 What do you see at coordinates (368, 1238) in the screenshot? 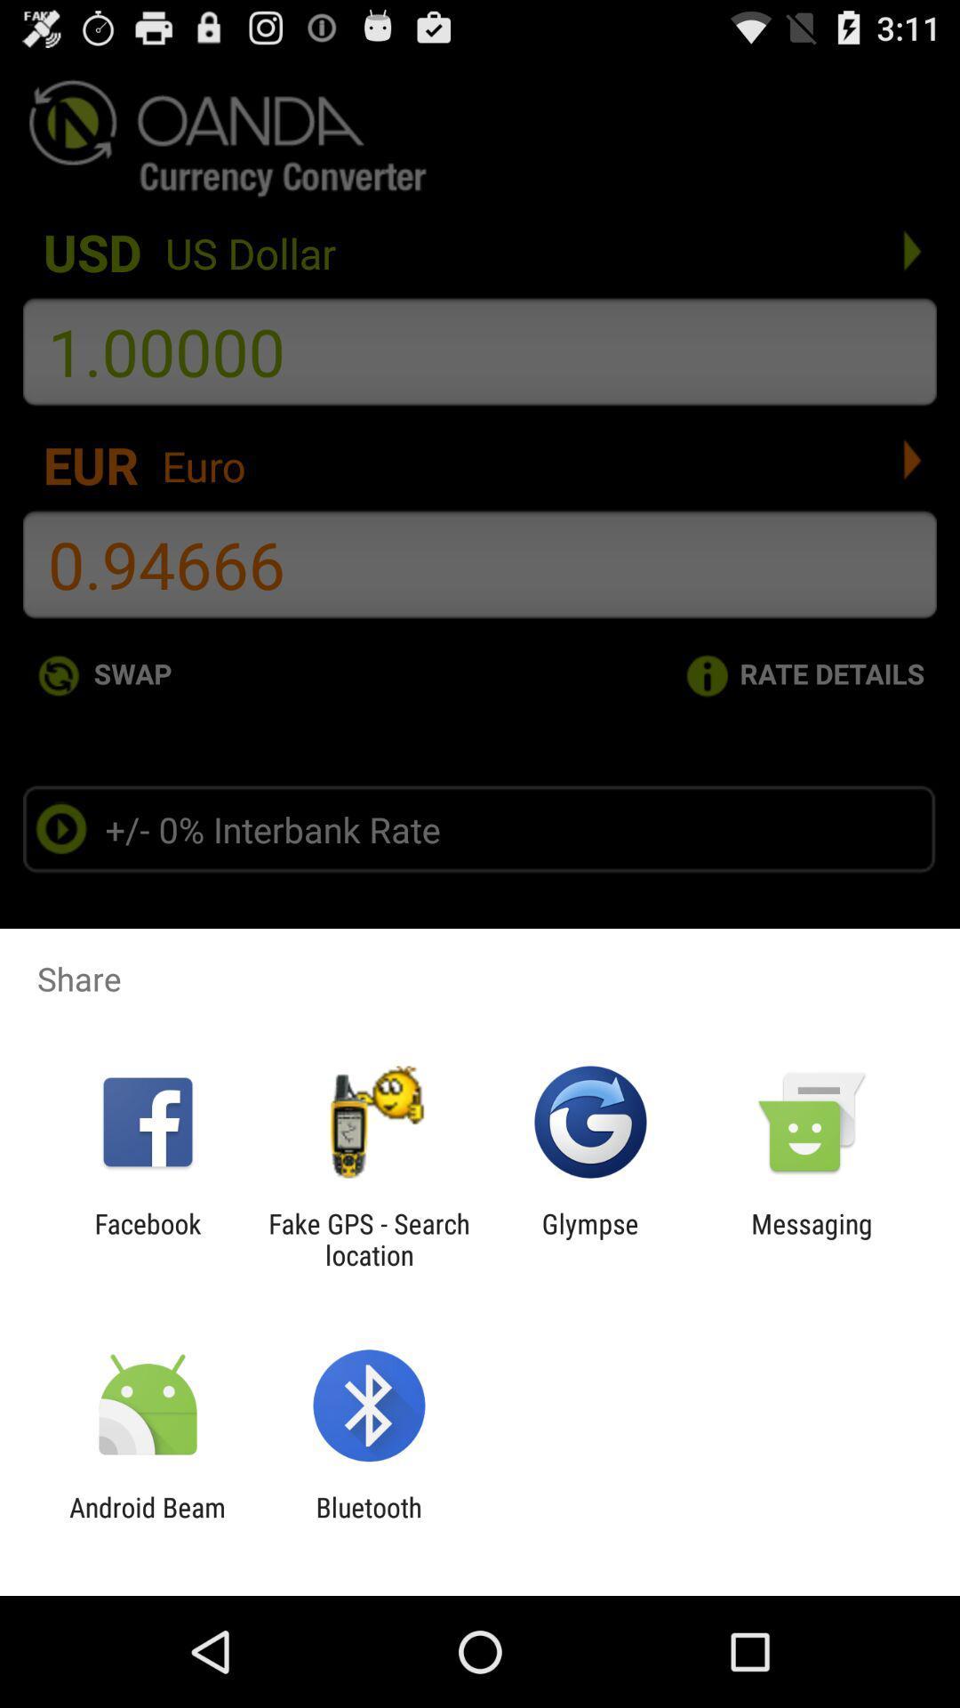
I see `fake gps search item` at bounding box center [368, 1238].